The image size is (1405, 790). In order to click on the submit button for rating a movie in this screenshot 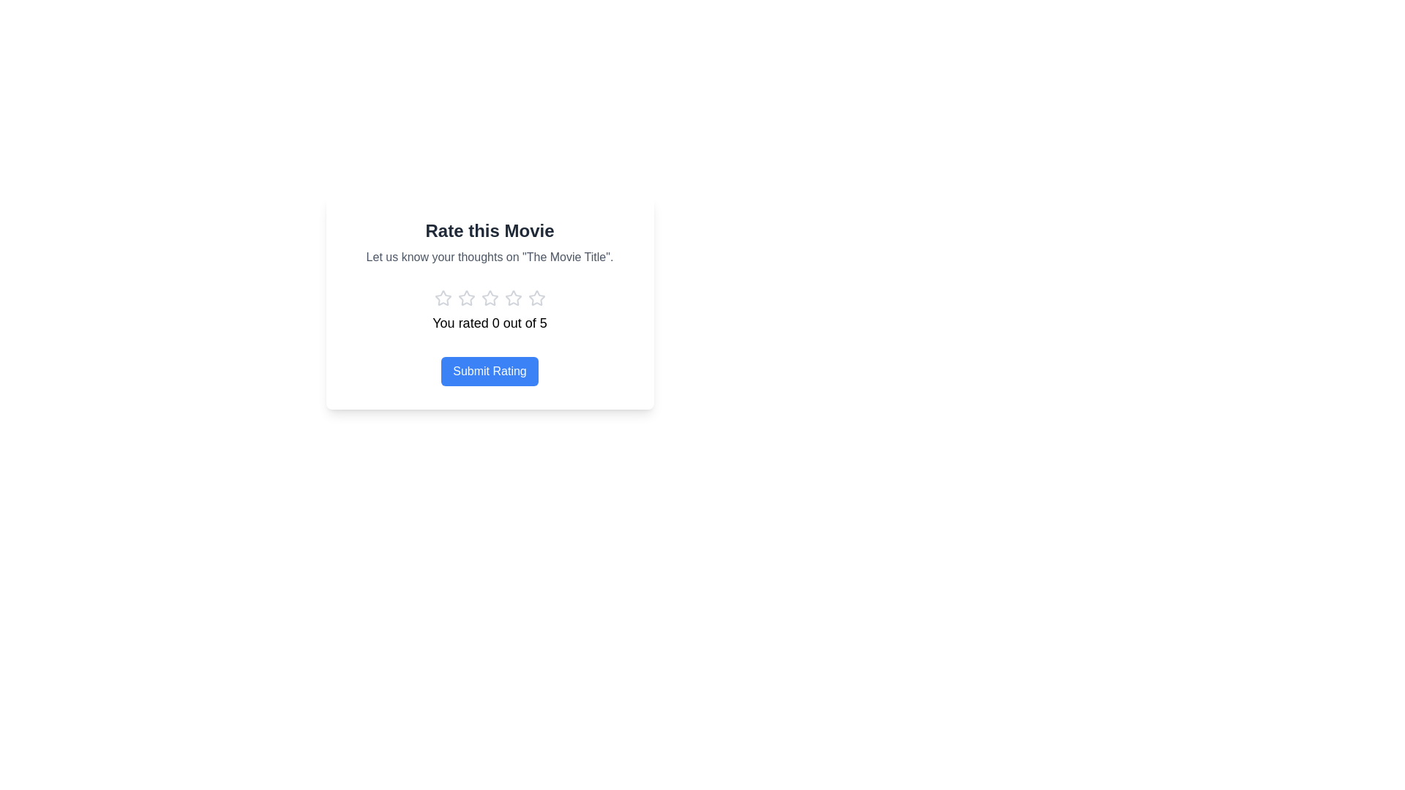, I will do `click(490, 371)`.